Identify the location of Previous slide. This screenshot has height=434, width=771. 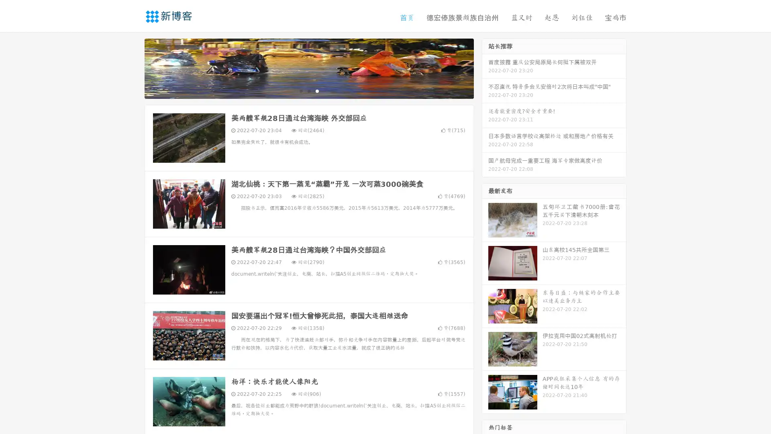
(133, 68).